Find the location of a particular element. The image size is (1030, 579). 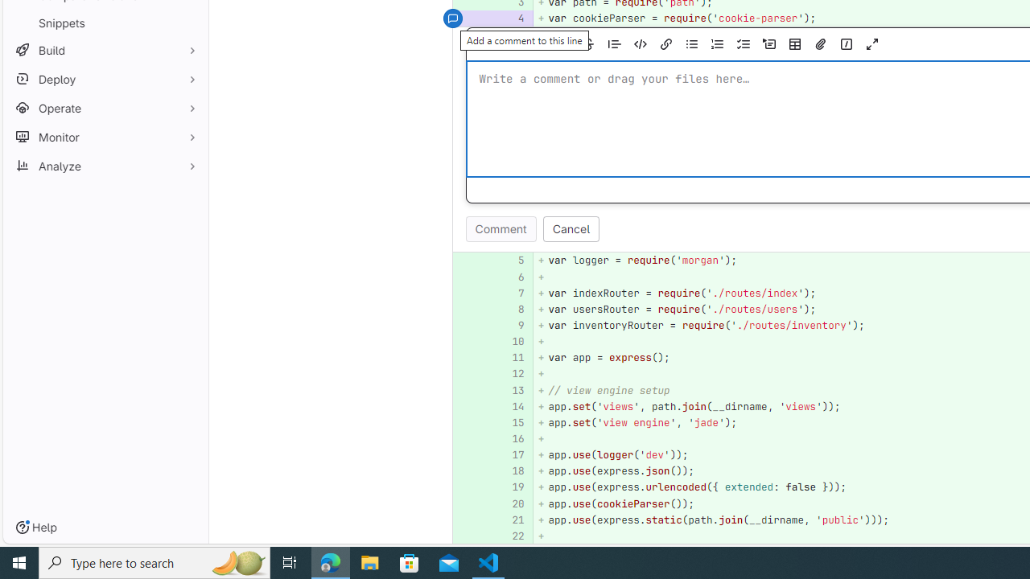

'Add a bullet list' is located at coordinates (691, 43).